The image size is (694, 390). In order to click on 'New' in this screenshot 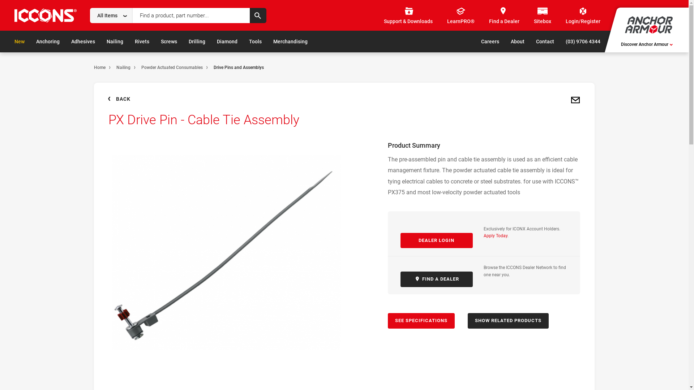, I will do `click(14, 42)`.